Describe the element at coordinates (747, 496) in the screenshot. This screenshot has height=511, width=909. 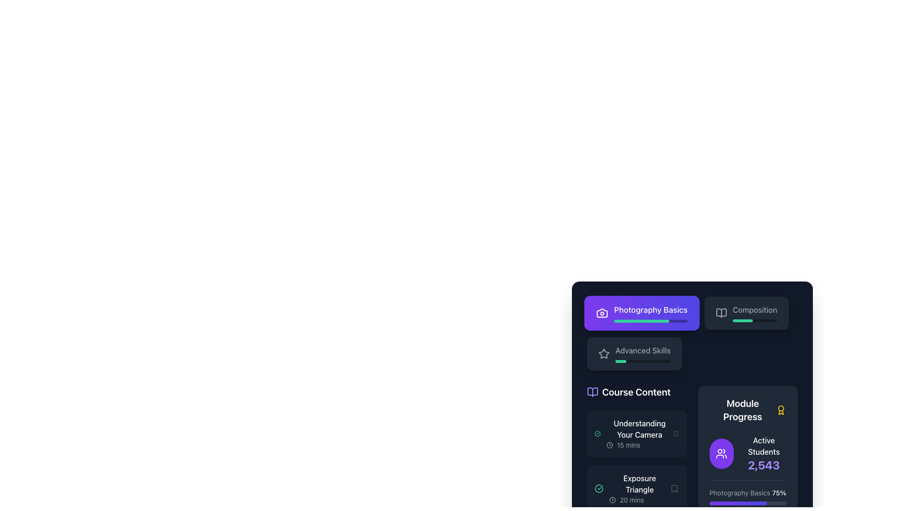
I see `the progress indicator displaying 'Photography Basics' and '75%' in the Module Progress area, which is the first item in the list` at that location.